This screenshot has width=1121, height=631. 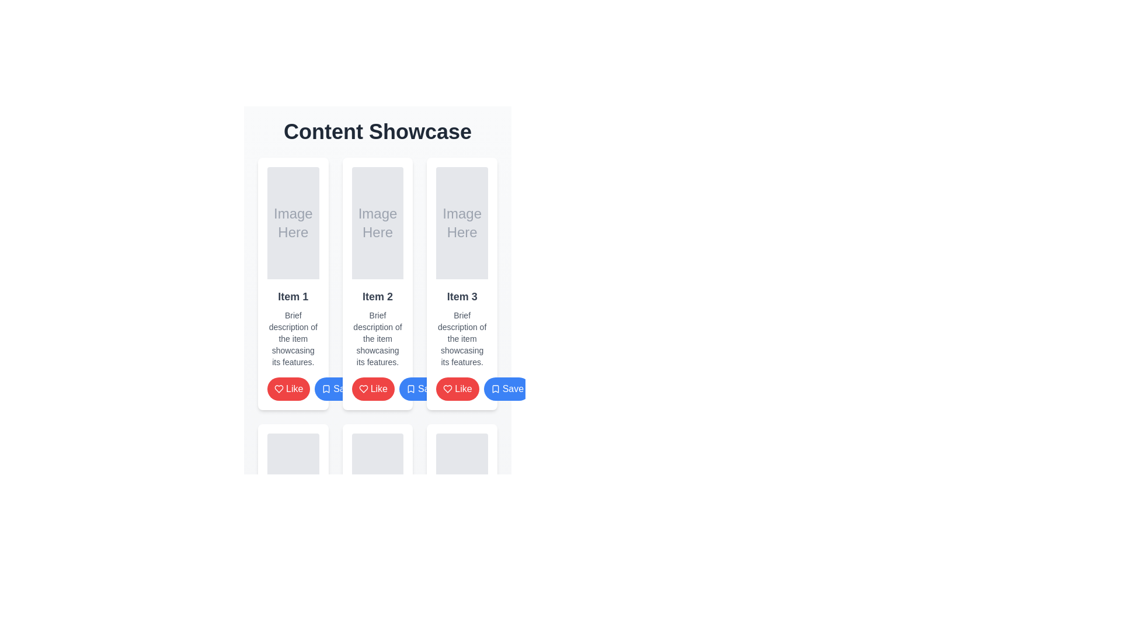 What do you see at coordinates (363, 389) in the screenshot?
I see `the heart icon representing the 'Like' button located in the lower section of the second item card, positioned second from the left and near the 'Save' button` at bounding box center [363, 389].